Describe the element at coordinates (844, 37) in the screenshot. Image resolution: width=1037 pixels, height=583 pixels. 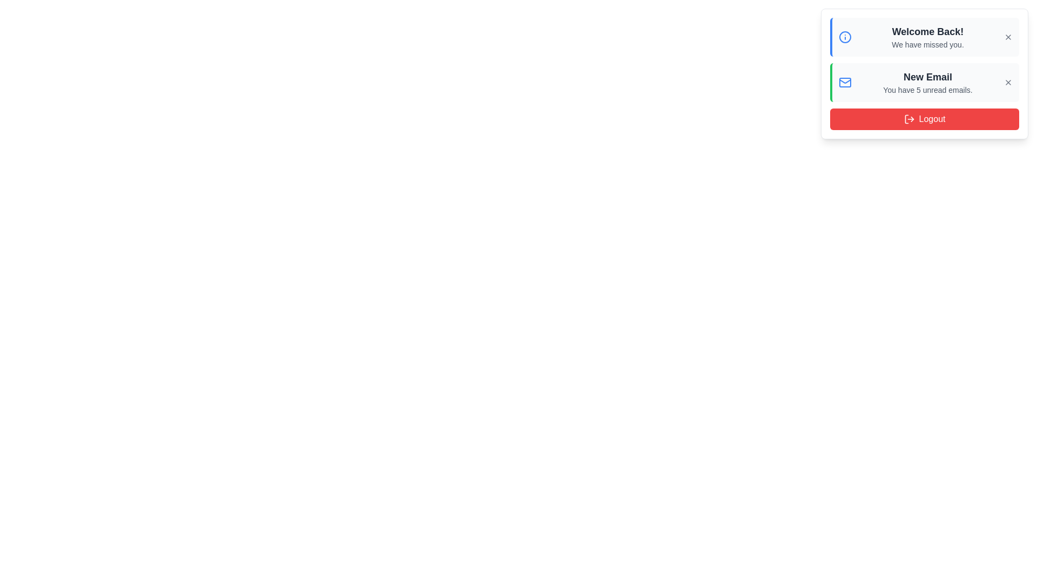
I see `the SVG Circle icon located at the top-left corner of the 'Welcome Back!' notification` at that location.